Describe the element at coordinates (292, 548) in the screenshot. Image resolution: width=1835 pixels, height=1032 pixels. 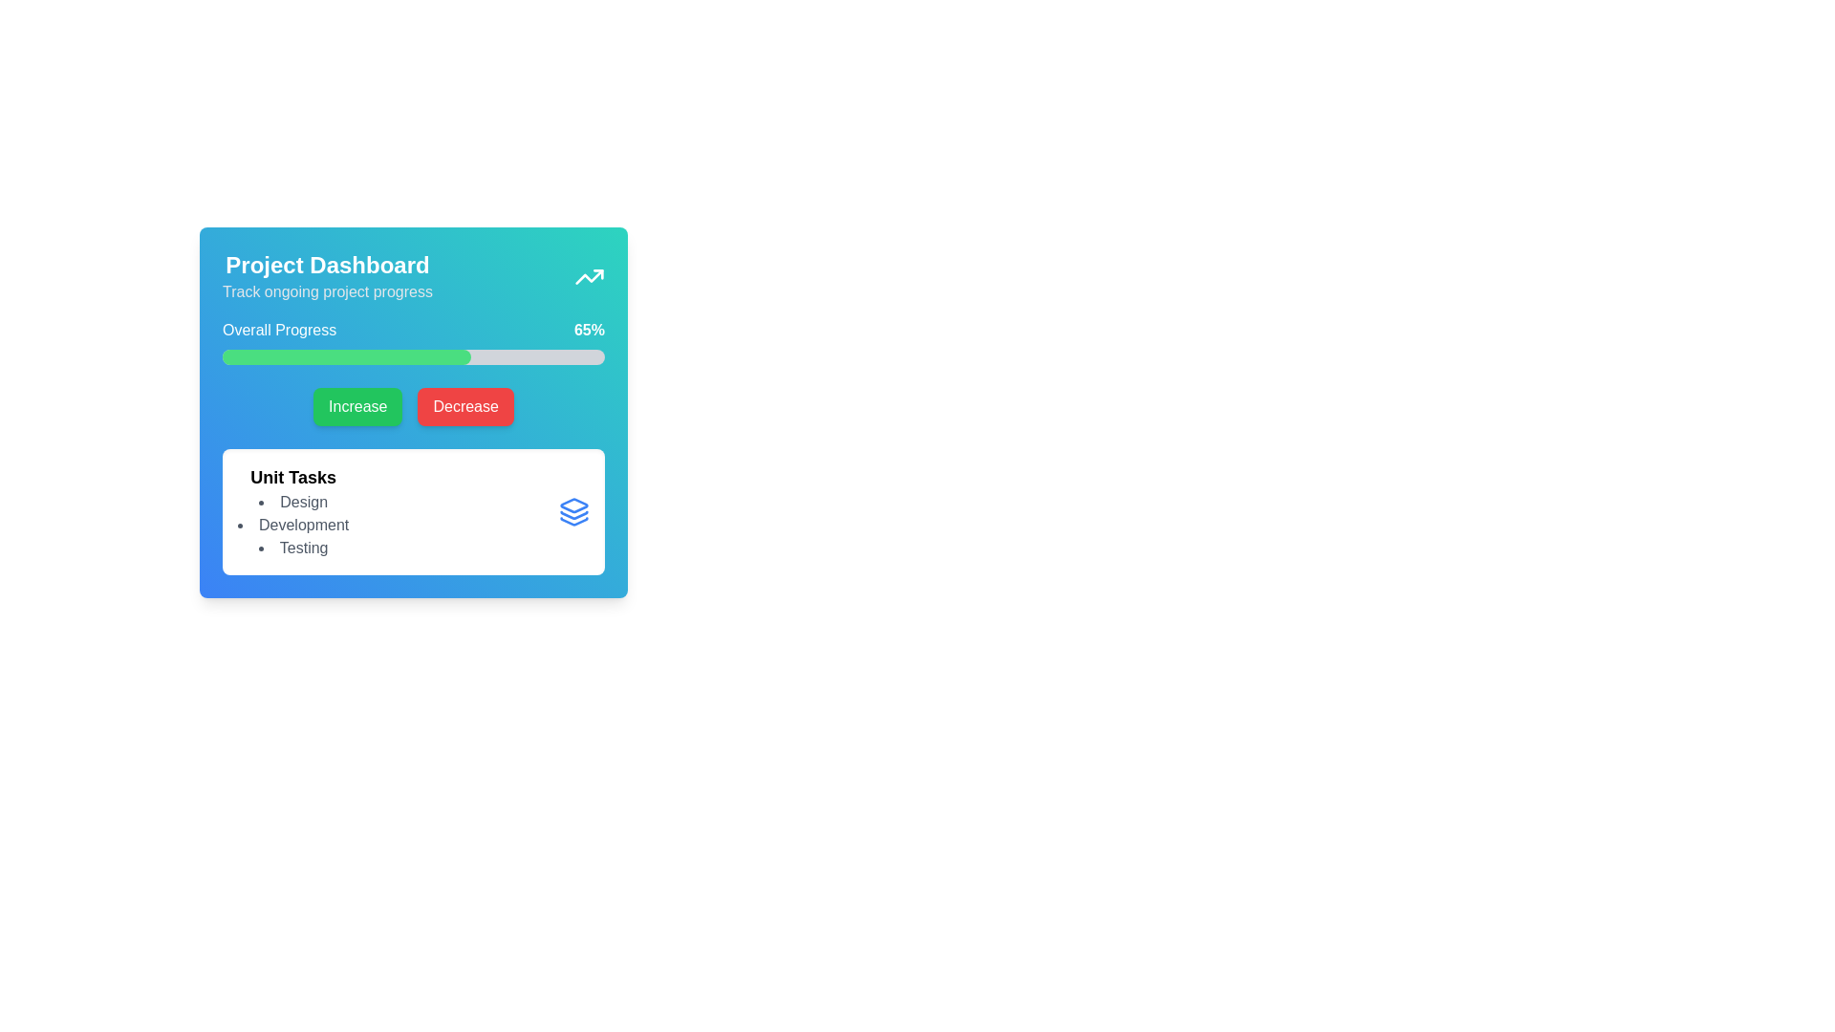
I see `the static text label displaying 'Testing' located at the bottom of the 'Unit Tasks' card interface` at that location.